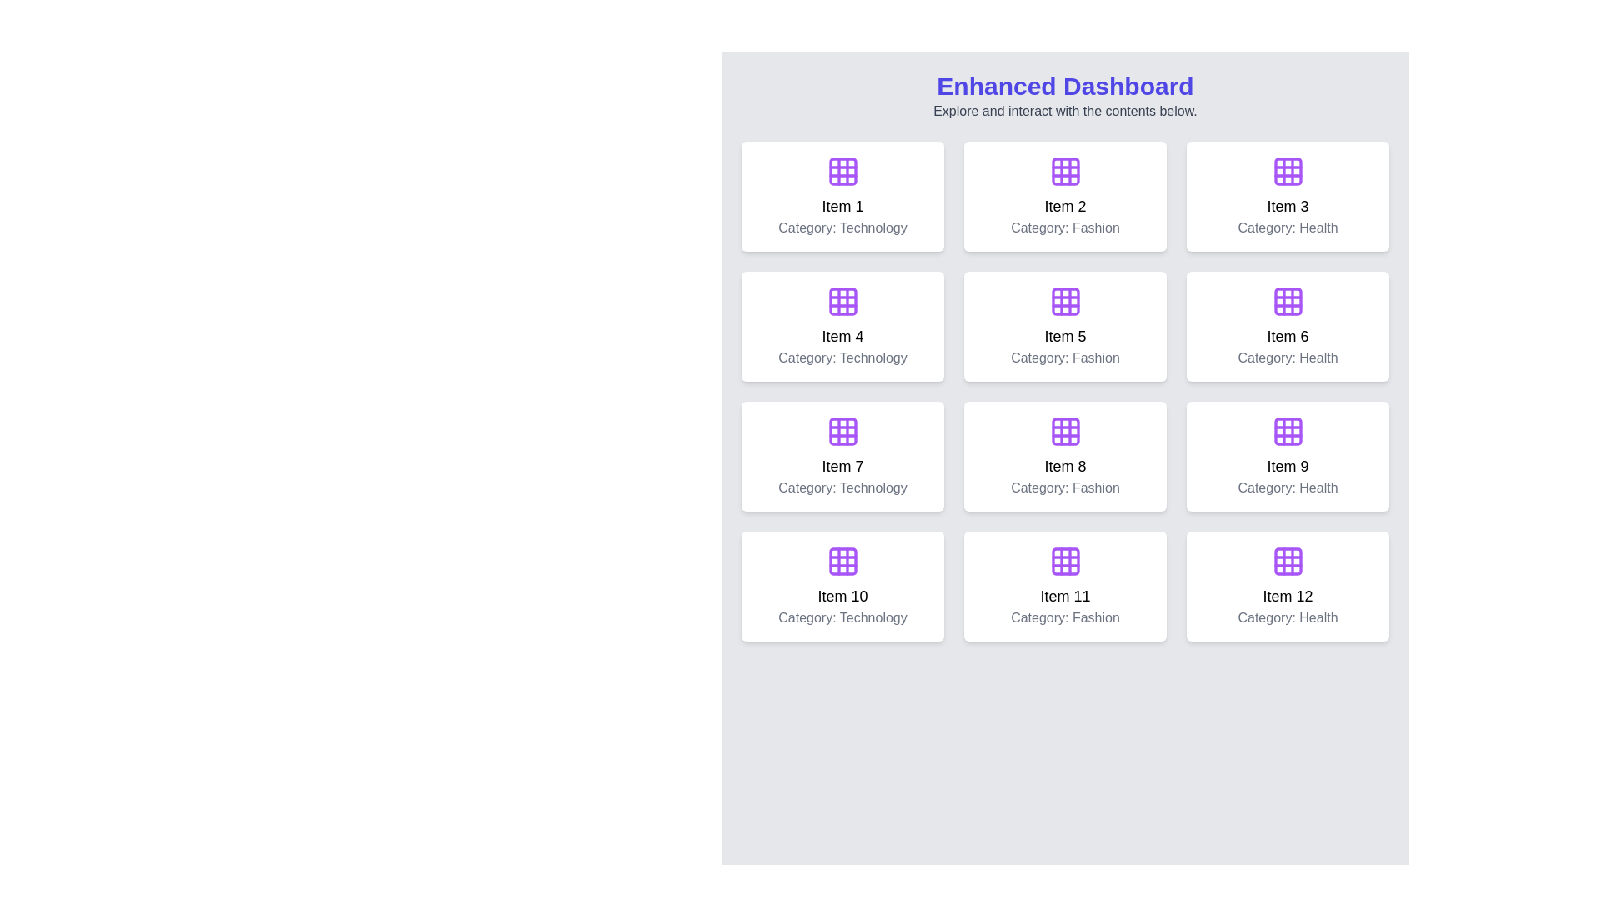 This screenshot has height=900, width=1600. Describe the element at coordinates (842, 337) in the screenshot. I see `text content of the text label element displaying 'Item 4', which is bold and centered, located in the middle section of a card in the second row, first column of the grid layout` at that location.